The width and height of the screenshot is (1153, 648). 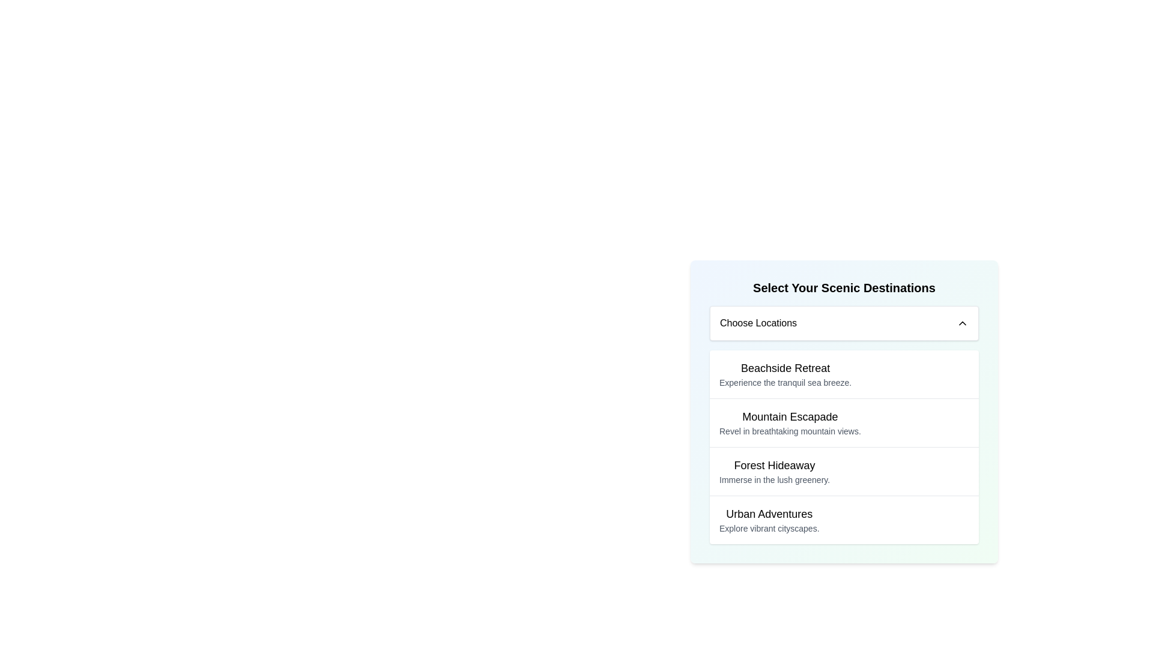 I want to click on the 'Beachside Retreat' text element, so click(x=785, y=374).